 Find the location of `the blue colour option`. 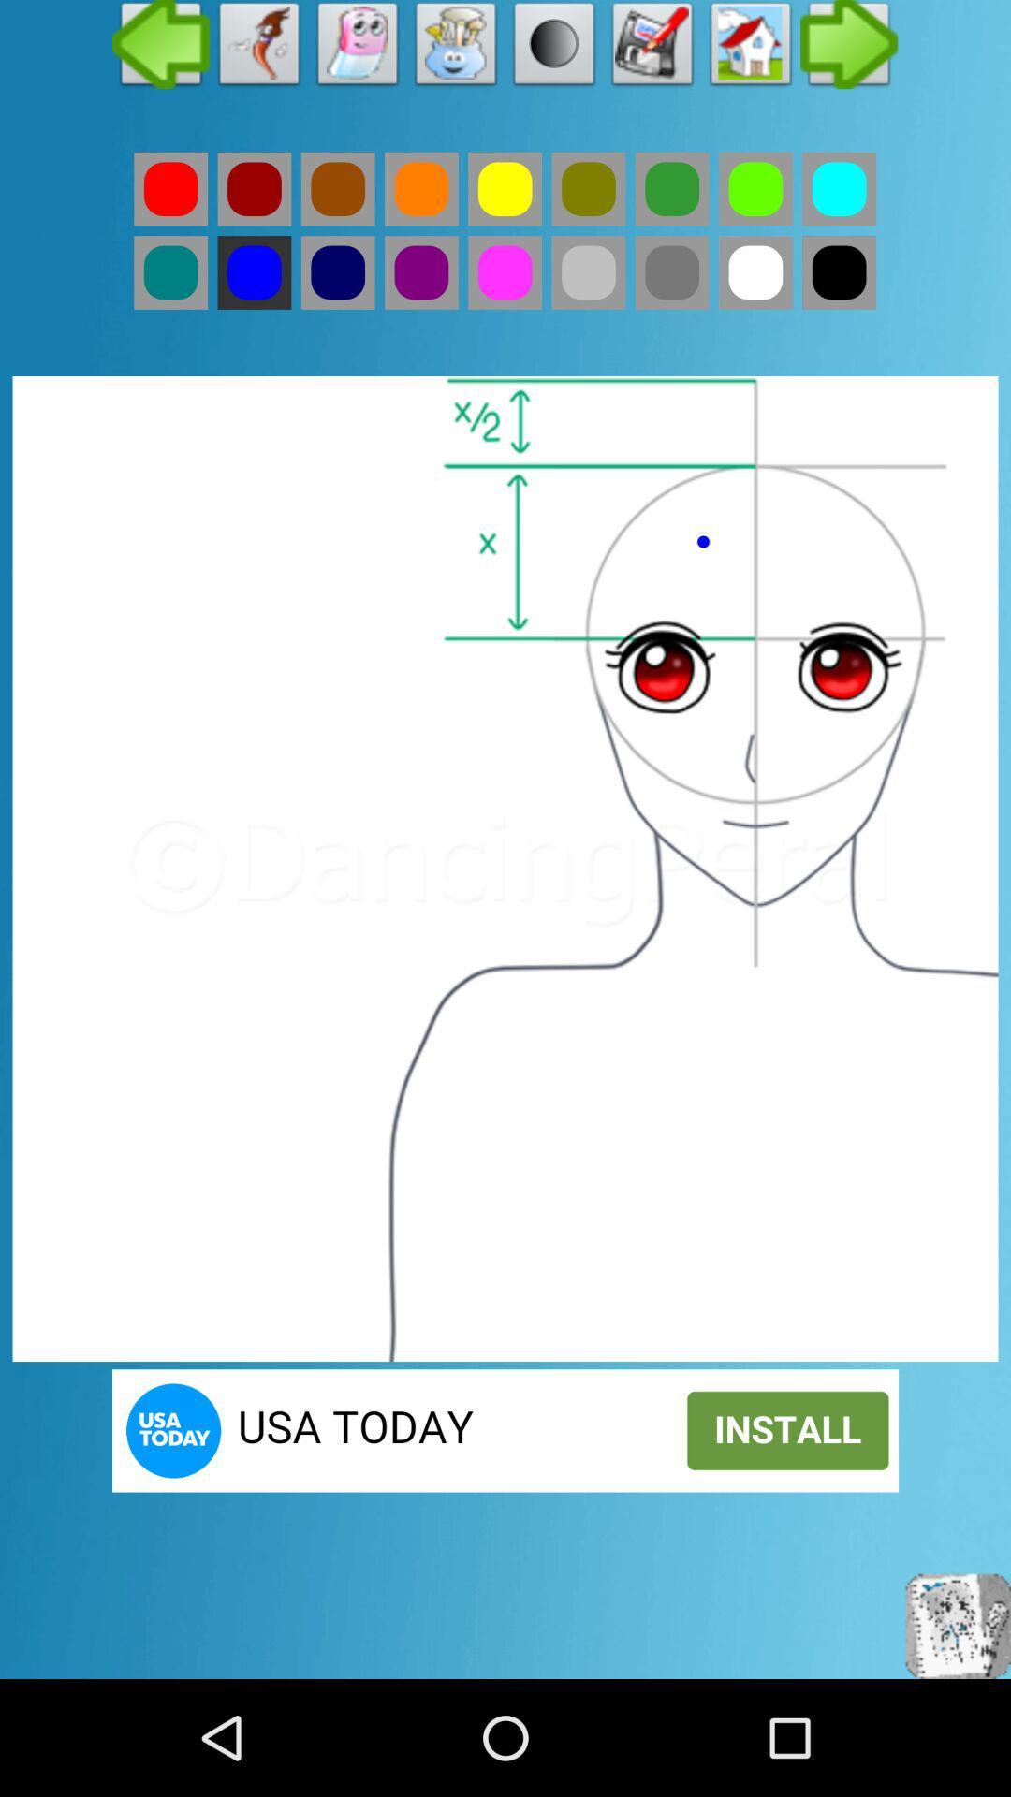

the blue colour option is located at coordinates (338, 271).